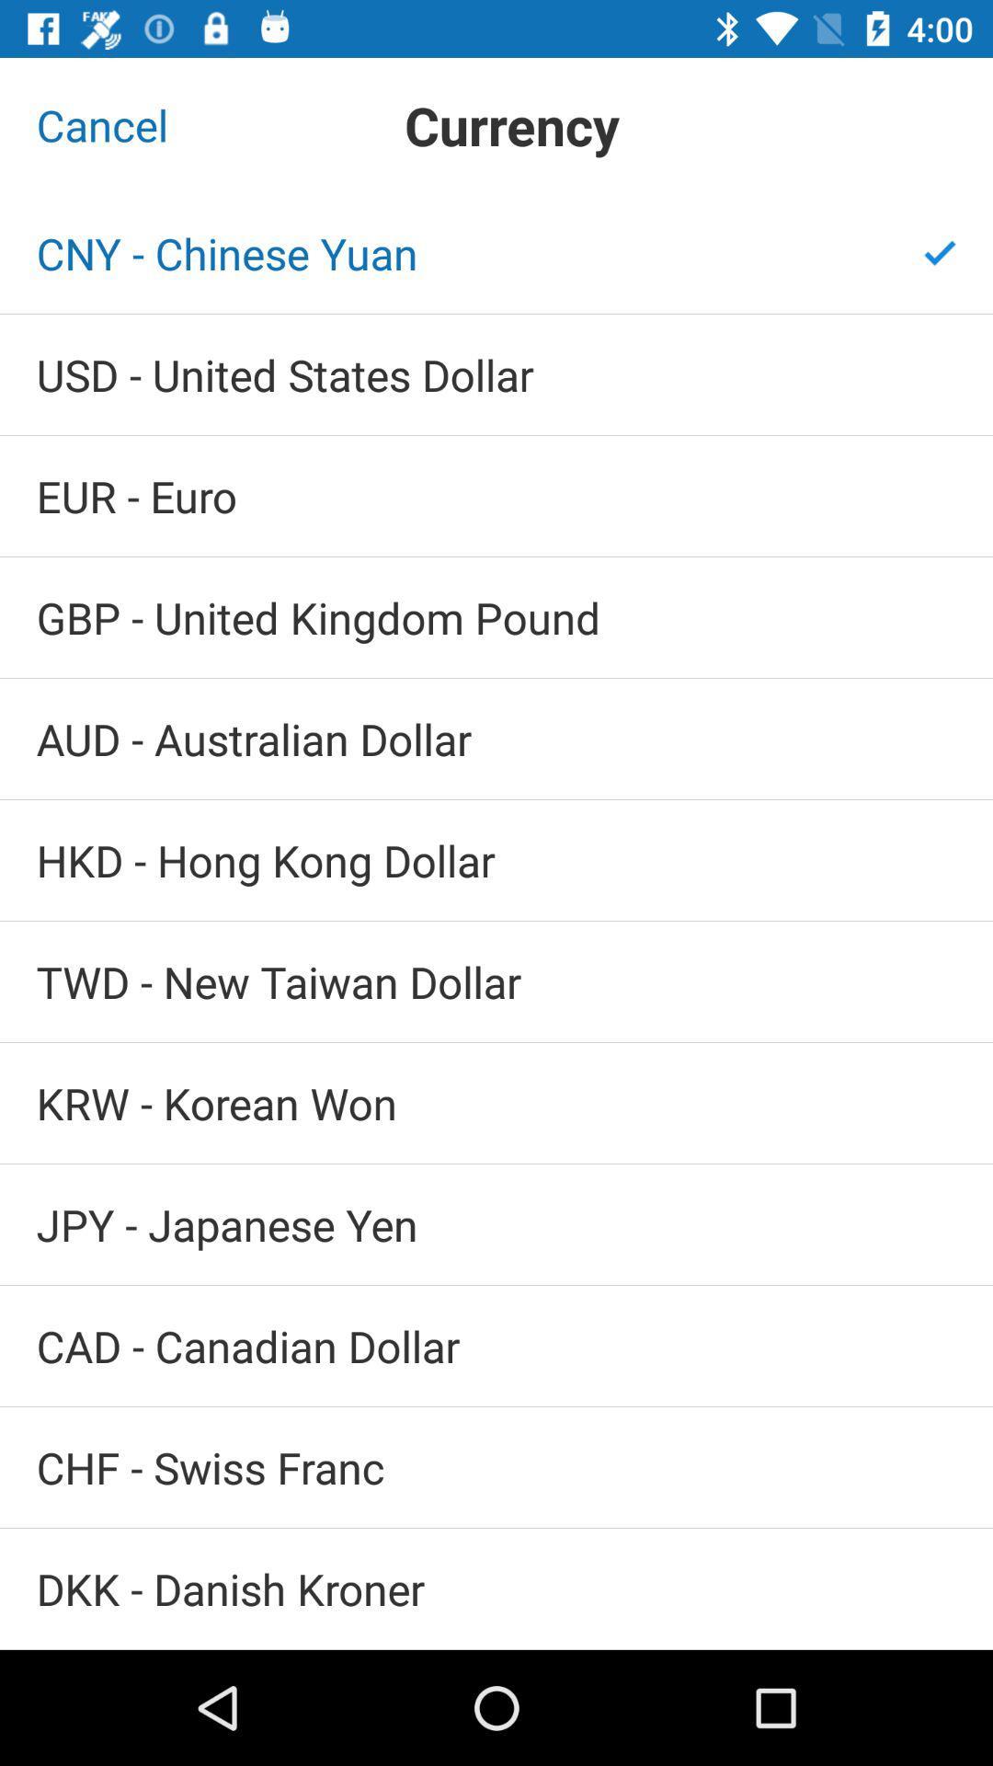  What do you see at coordinates (102, 124) in the screenshot?
I see `the cancel item` at bounding box center [102, 124].